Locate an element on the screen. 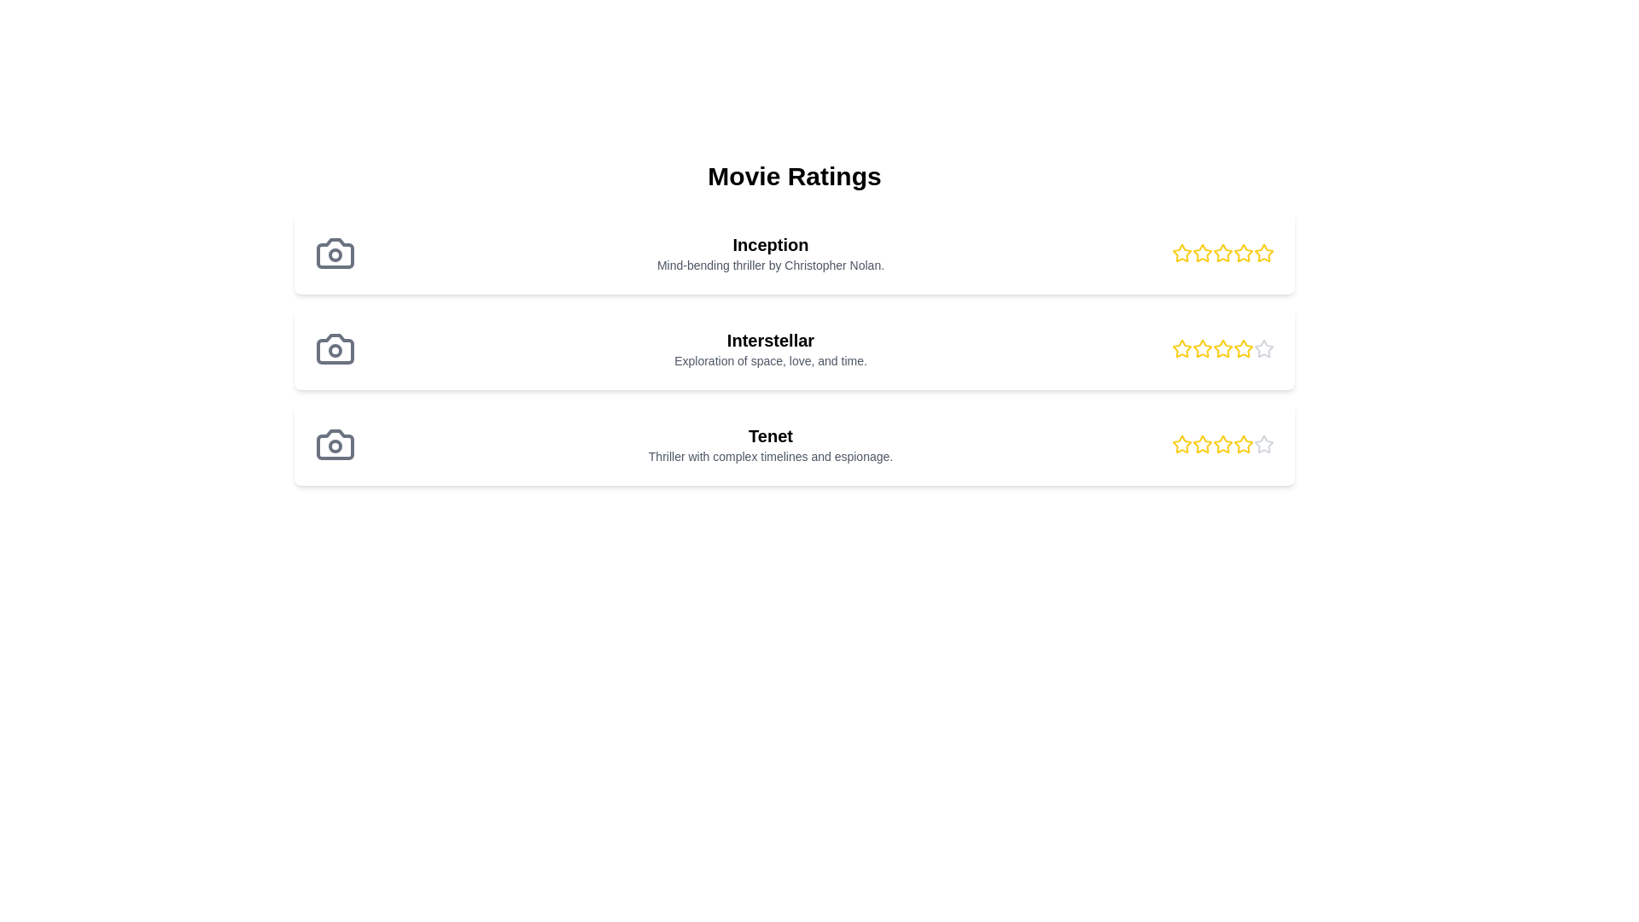  the fourth yellow rating star icon in the 'Tenet' movie rating row is located at coordinates (1222, 443).